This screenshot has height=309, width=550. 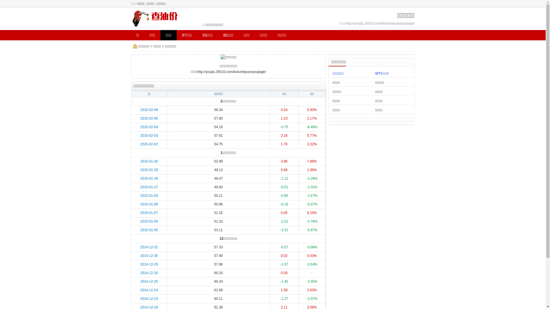 What do you see at coordinates (140, 213) in the screenshot?
I see `'2015-01-07'` at bounding box center [140, 213].